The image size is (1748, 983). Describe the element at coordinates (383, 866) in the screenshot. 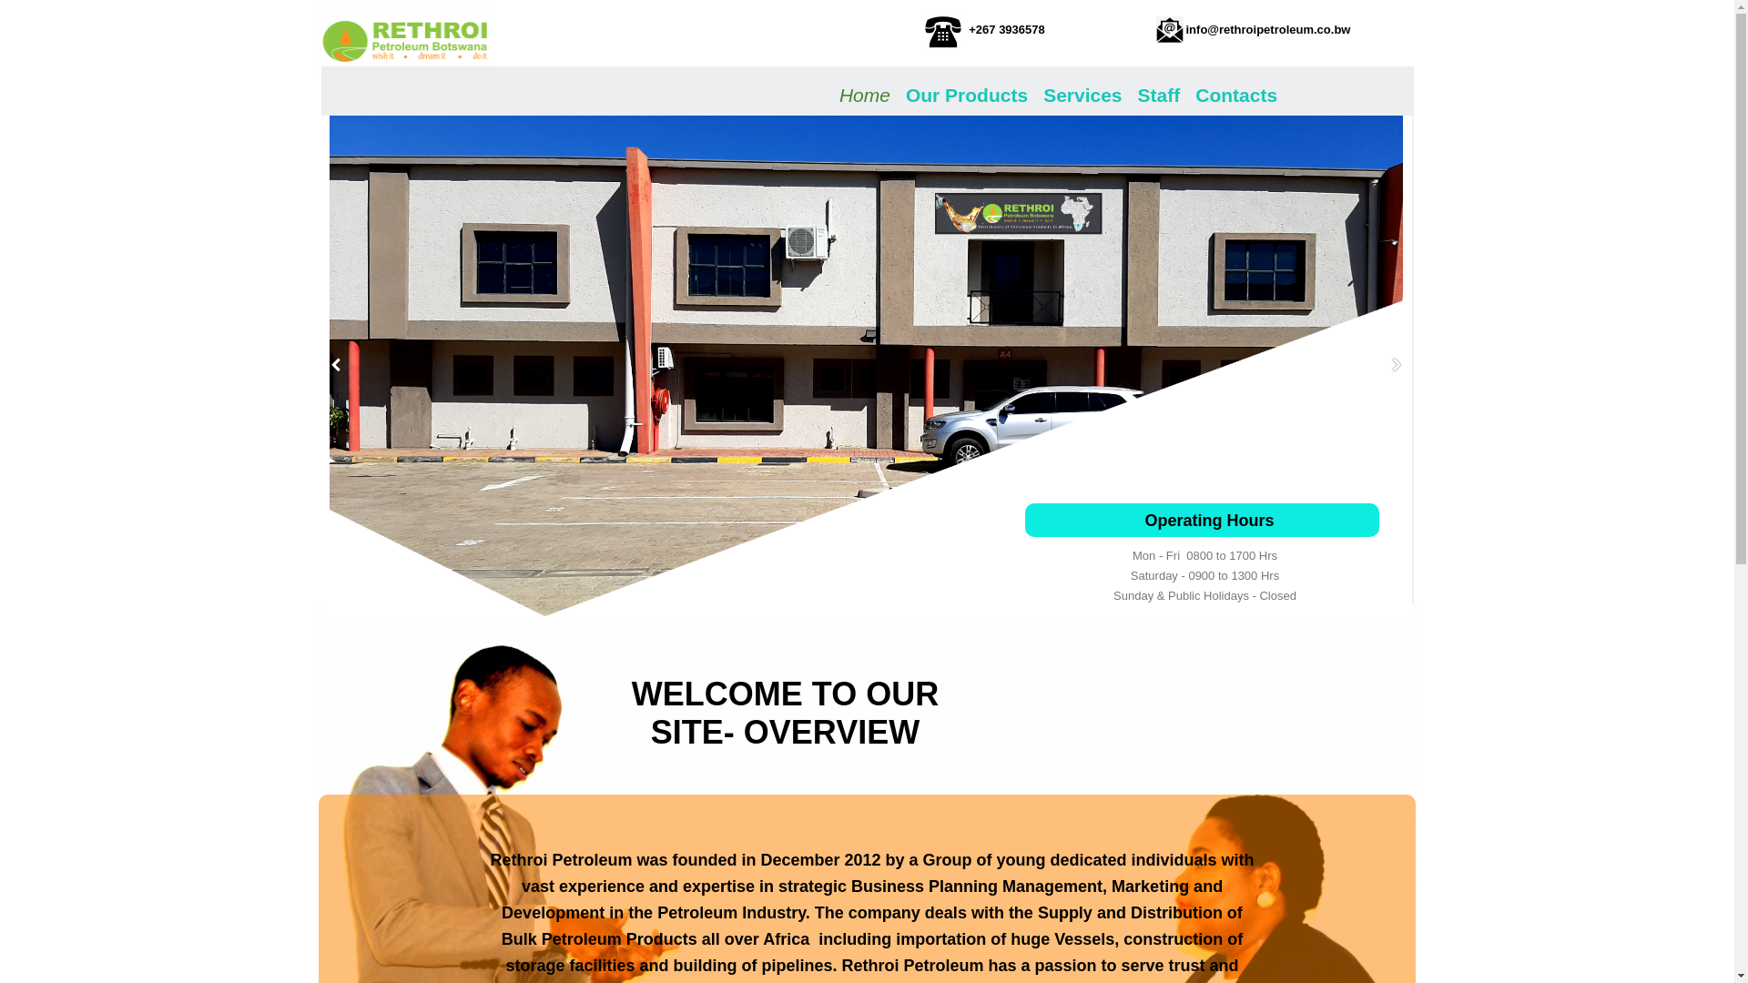

I see `'LinkedIn Embedded Content'` at that location.